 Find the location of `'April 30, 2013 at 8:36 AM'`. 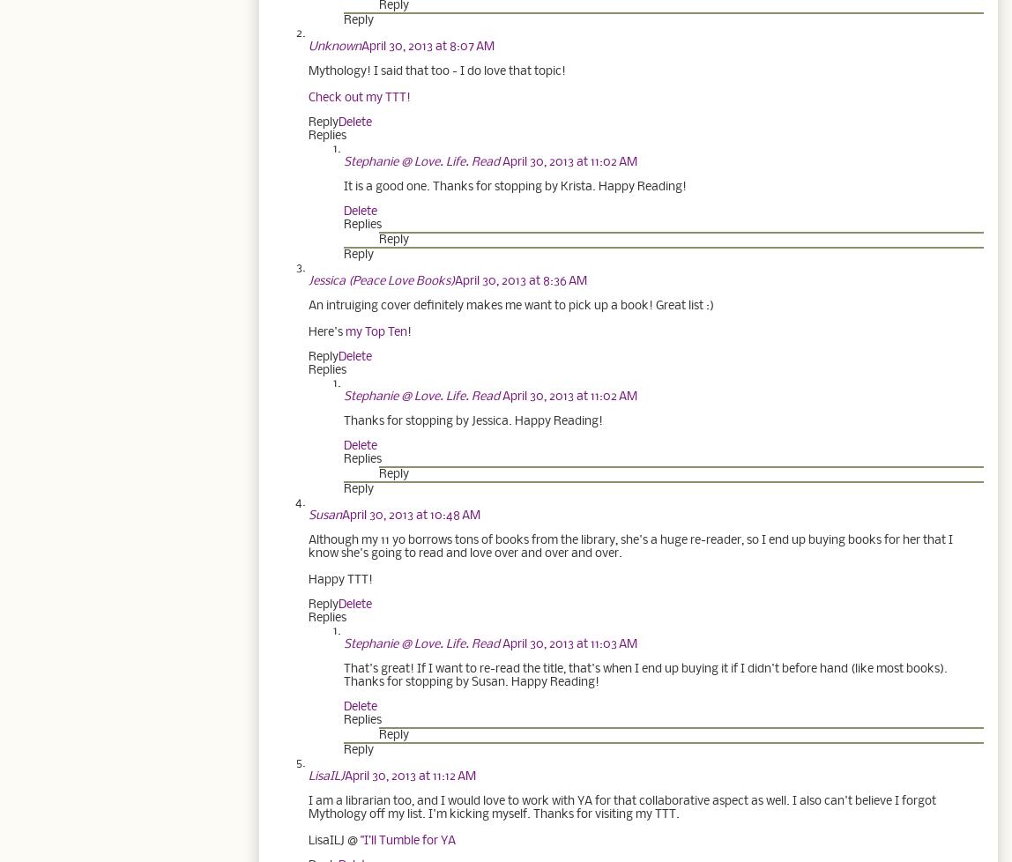

'April 30, 2013 at 8:36 AM' is located at coordinates (520, 279).